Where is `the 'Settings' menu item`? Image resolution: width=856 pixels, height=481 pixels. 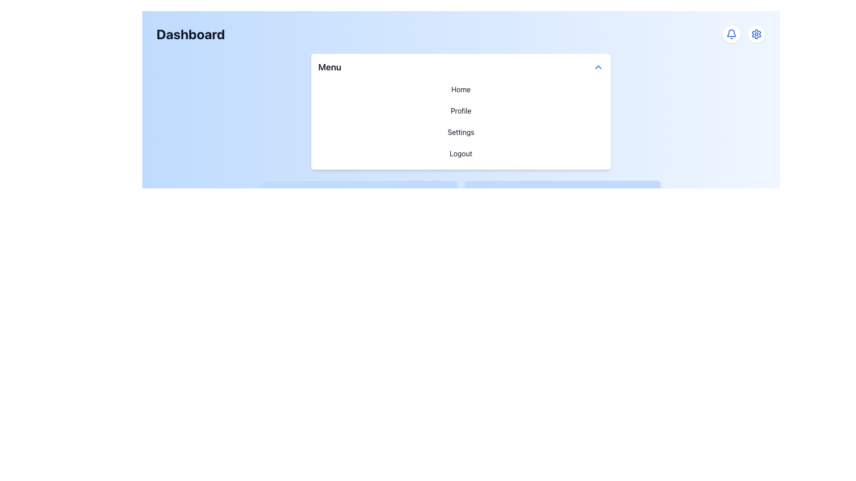
the 'Settings' menu item is located at coordinates (461, 132).